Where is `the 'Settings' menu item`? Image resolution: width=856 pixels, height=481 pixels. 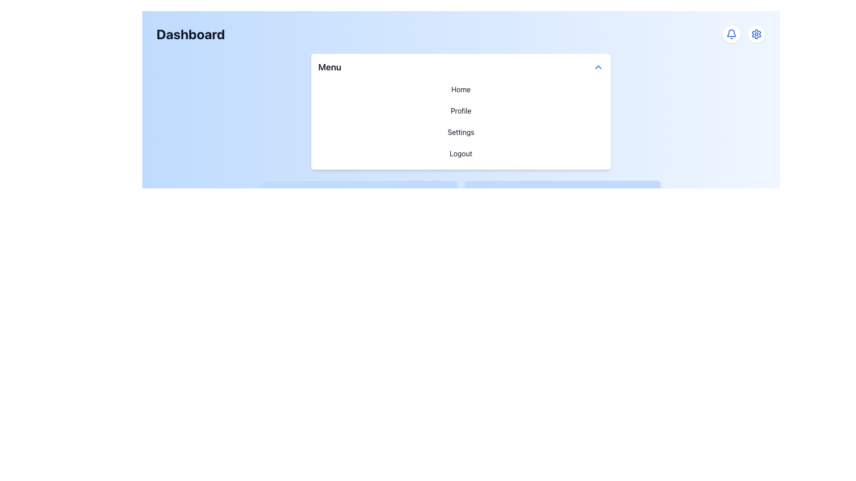
the 'Settings' menu item is located at coordinates (461, 132).